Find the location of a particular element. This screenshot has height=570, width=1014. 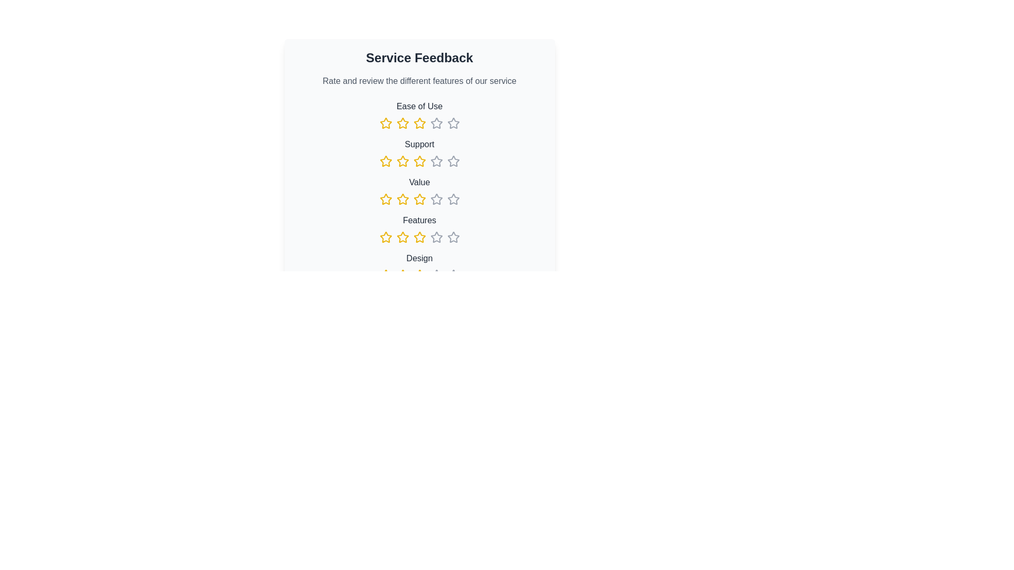

the second yellow star icon in the rating component of the feedback form is located at coordinates (402, 236).